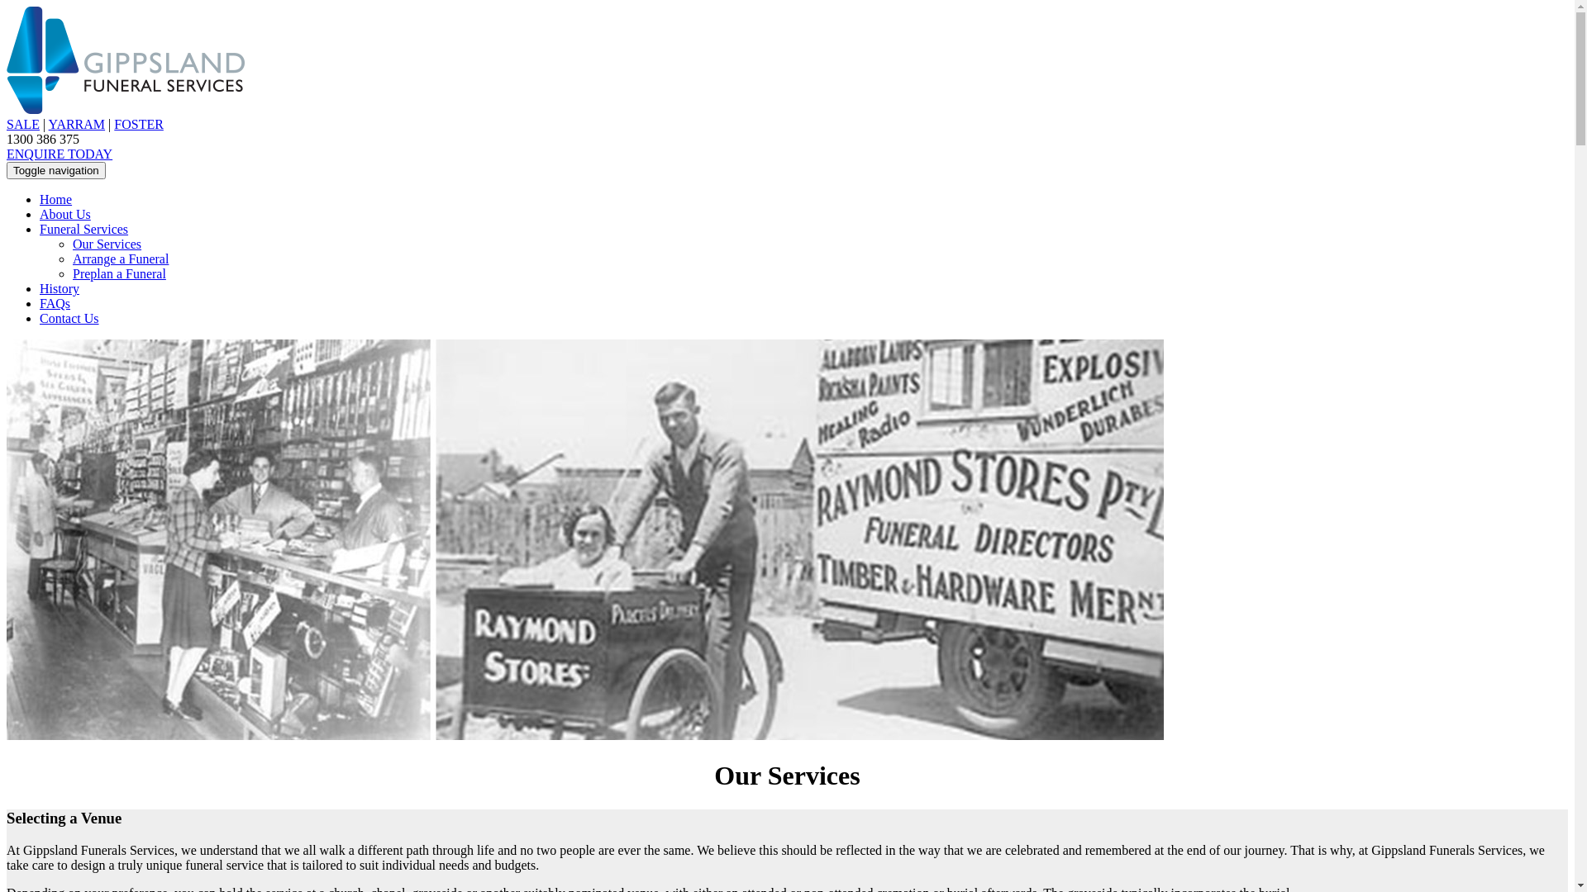 The width and height of the screenshot is (1587, 892). Describe the element at coordinates (83, 229) in the screenshot. I see `'Funeral Services'` at that location.